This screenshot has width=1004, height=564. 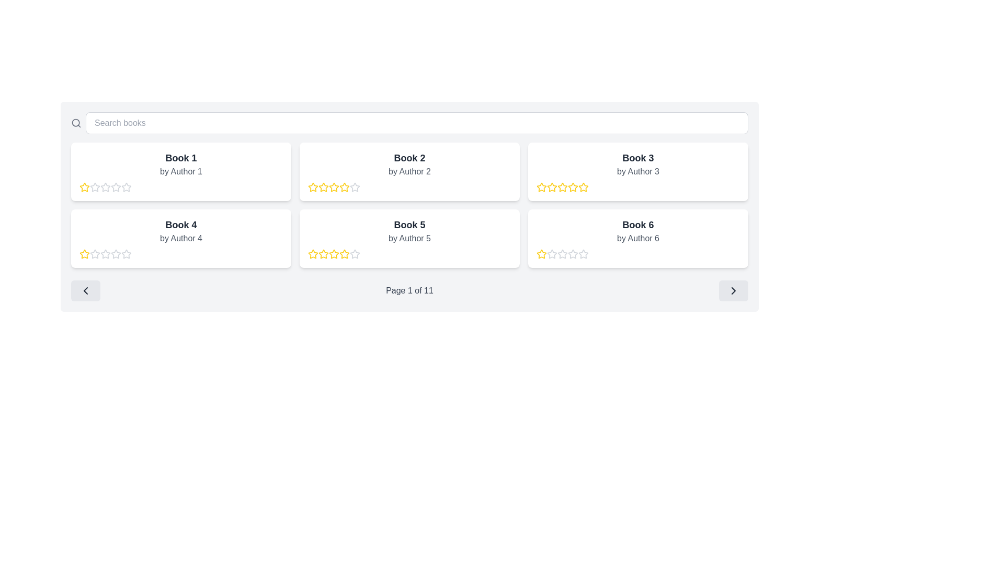 What do you see at coordinates (116, 254) in the screenshot?
I see `the third star icon from left to right in a set of six stars below 'Book 4' on the second card of the first row` at bounding box center [116, 254].